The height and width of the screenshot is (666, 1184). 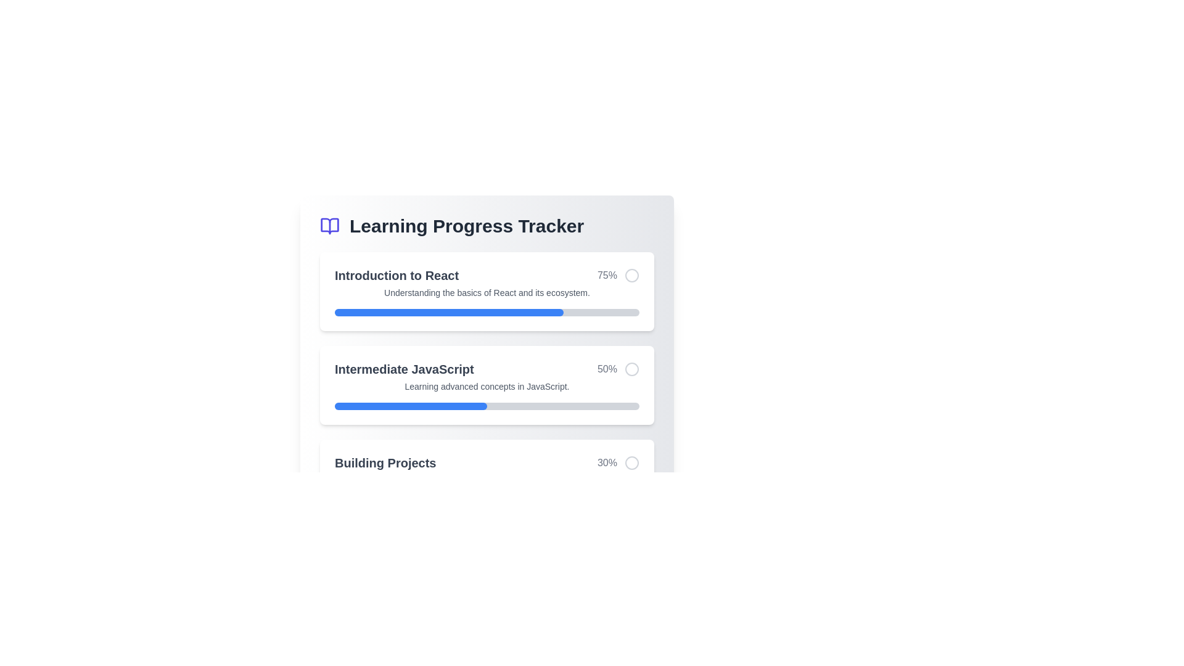 What do you see at coordinates (487, 384) in the screenshot?
I see `the composite component containing information panels or cards for the Learning Progress Tracker` at bounding box center [487, 384].